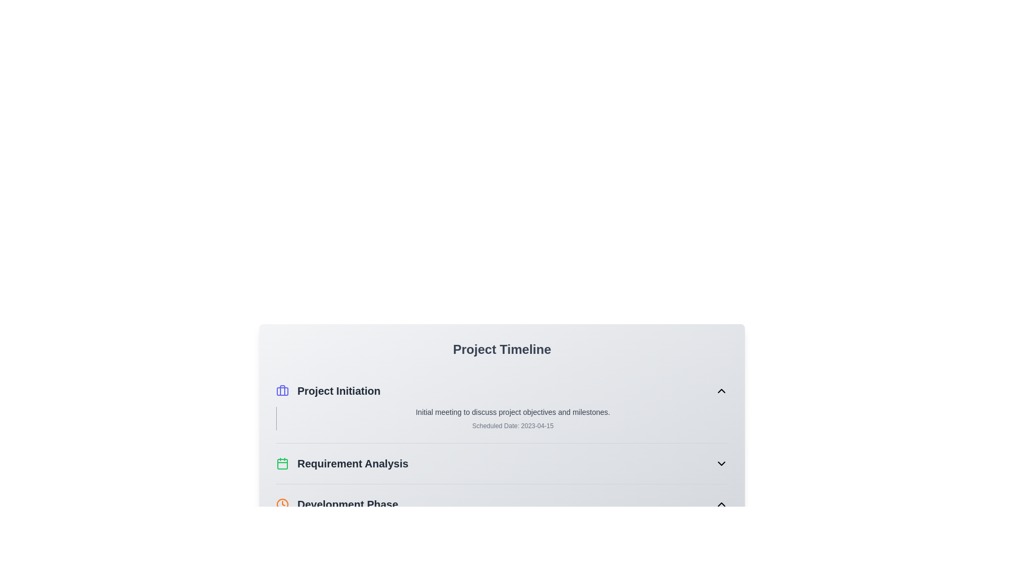 This screenshot has height=573, width=1018. I want to click on the icon representing the 'Requirement Analysis' section, so click(282, 463).